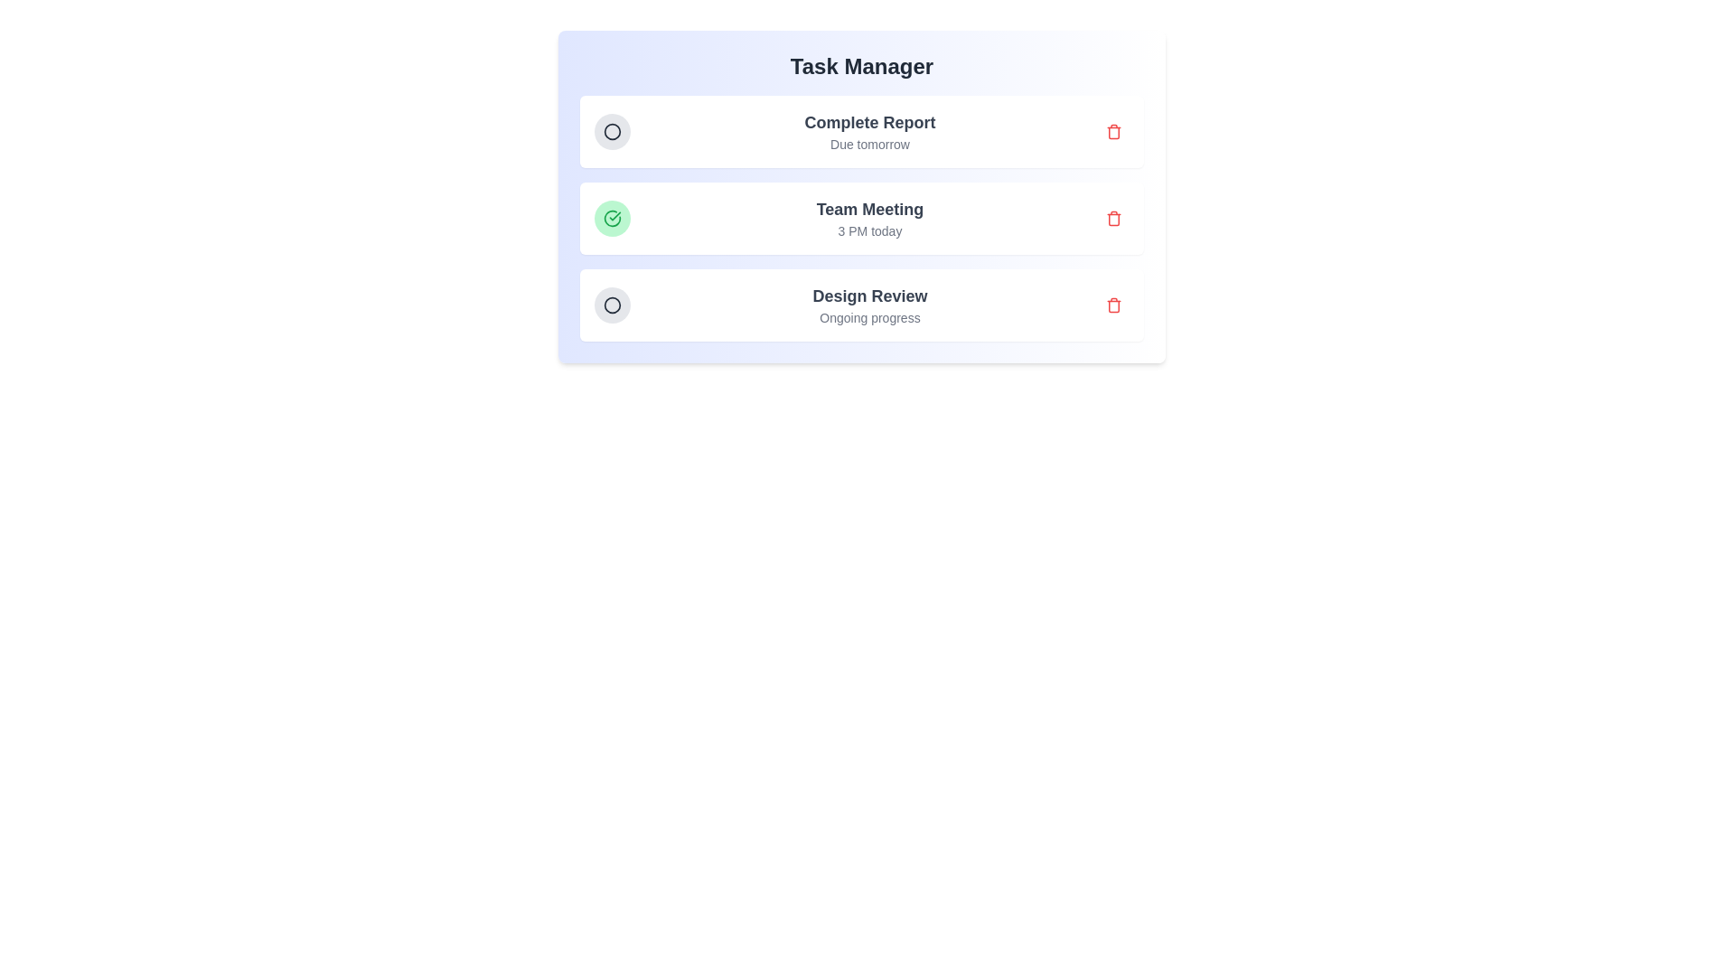 This screenshot has width=1735, height=976. What do you see at coordinates (1113, 218) in the screenshot?
I see `the red trash can icon adjacent to the 'Team Meeting' task` at bounding box center [1113, 218].